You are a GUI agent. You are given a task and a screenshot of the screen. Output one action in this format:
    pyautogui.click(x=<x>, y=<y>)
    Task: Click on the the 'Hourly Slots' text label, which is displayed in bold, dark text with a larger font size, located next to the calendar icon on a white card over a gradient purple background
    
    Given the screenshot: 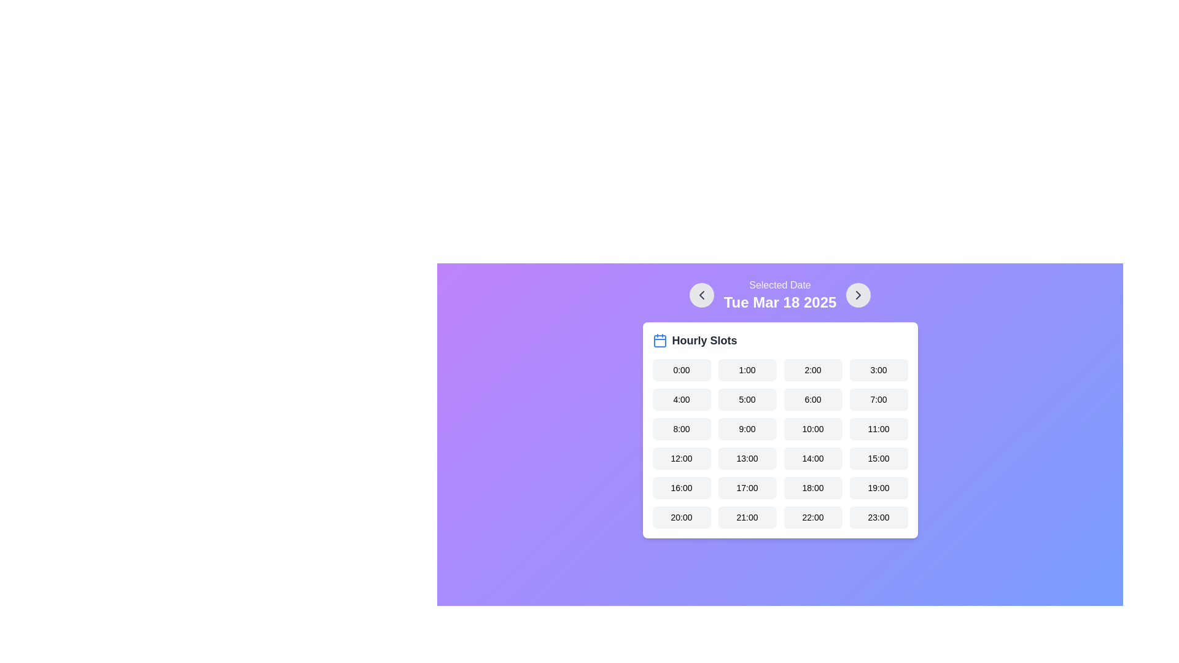 What is the action you would take?
    pyautogui.click(x=704, y=341)
    